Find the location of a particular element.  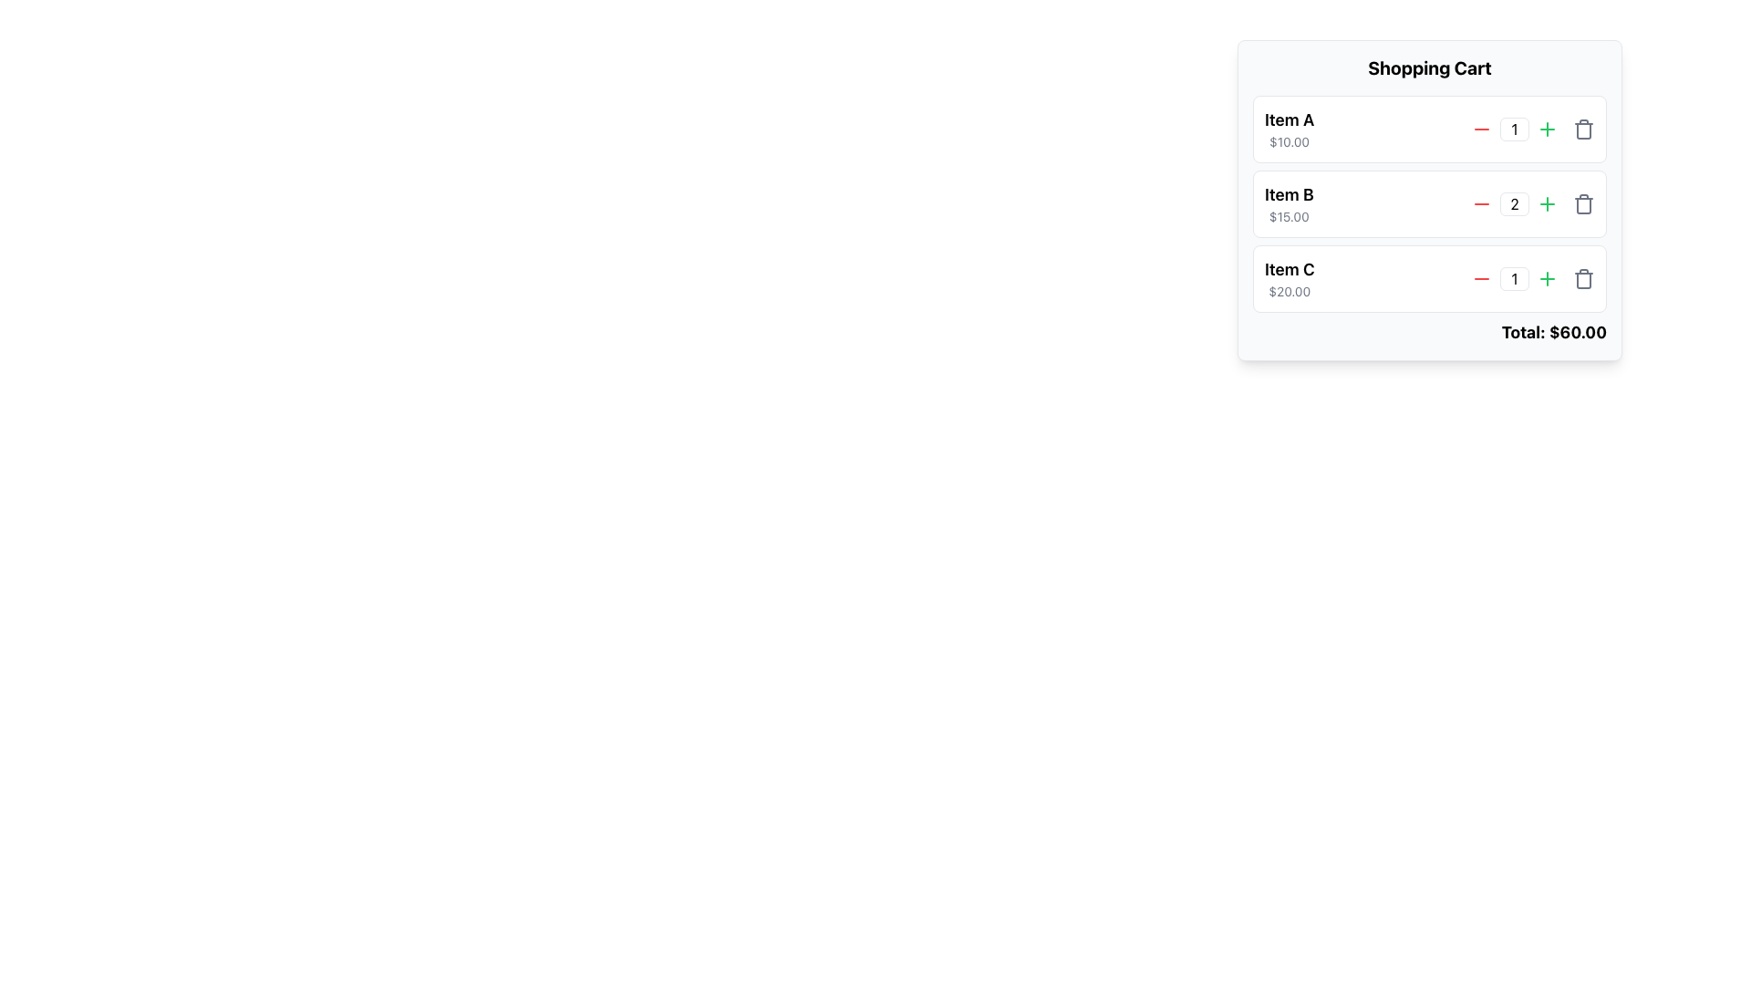

the trash can icon button located on the far right of the first row of shopping cart items is located at coordinates (1583, 129).